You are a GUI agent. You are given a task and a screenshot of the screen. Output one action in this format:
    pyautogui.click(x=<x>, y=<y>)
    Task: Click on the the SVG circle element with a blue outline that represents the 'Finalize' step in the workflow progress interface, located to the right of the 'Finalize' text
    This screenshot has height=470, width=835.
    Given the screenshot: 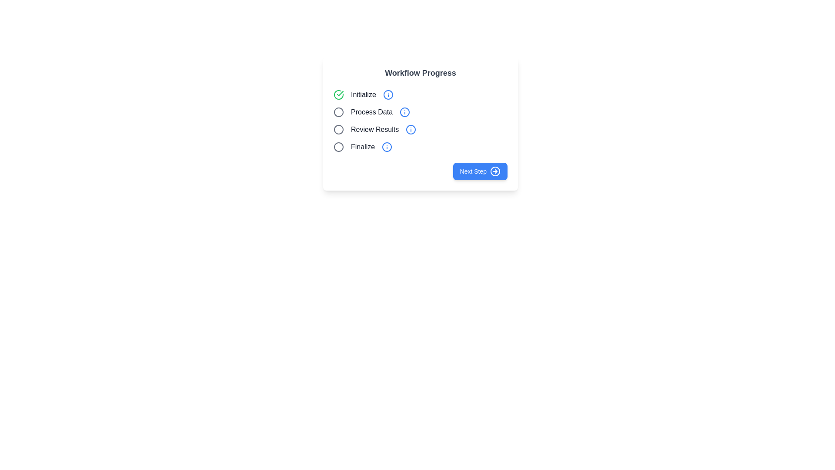 What is the action you would take?
    pyautogui.click(x=387, y=147)
    